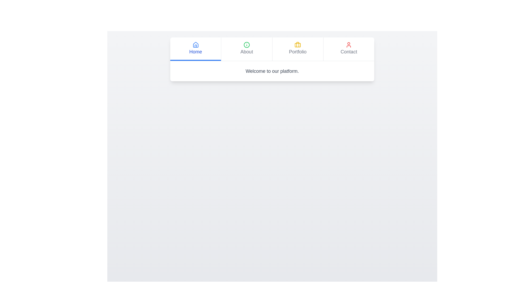 Image resolution: width=510 pixels, height=287 pixels. Describe the element at coordinates (297, 49) in the screenshot. I see `the Portfolio tab in the KnowledgeTabs component` at that location.